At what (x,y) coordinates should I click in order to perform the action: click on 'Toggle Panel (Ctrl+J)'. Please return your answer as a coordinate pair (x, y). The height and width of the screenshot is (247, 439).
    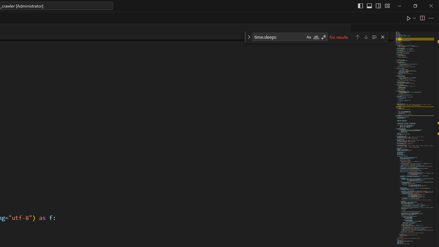
    Looking at the image, I should click on (369, 5).